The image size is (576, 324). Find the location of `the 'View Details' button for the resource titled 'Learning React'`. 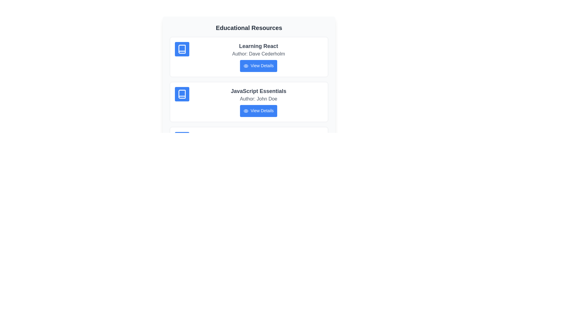

the 'View Details' button for the resource titled 'Learning React' is located at coordinates (259, 66).